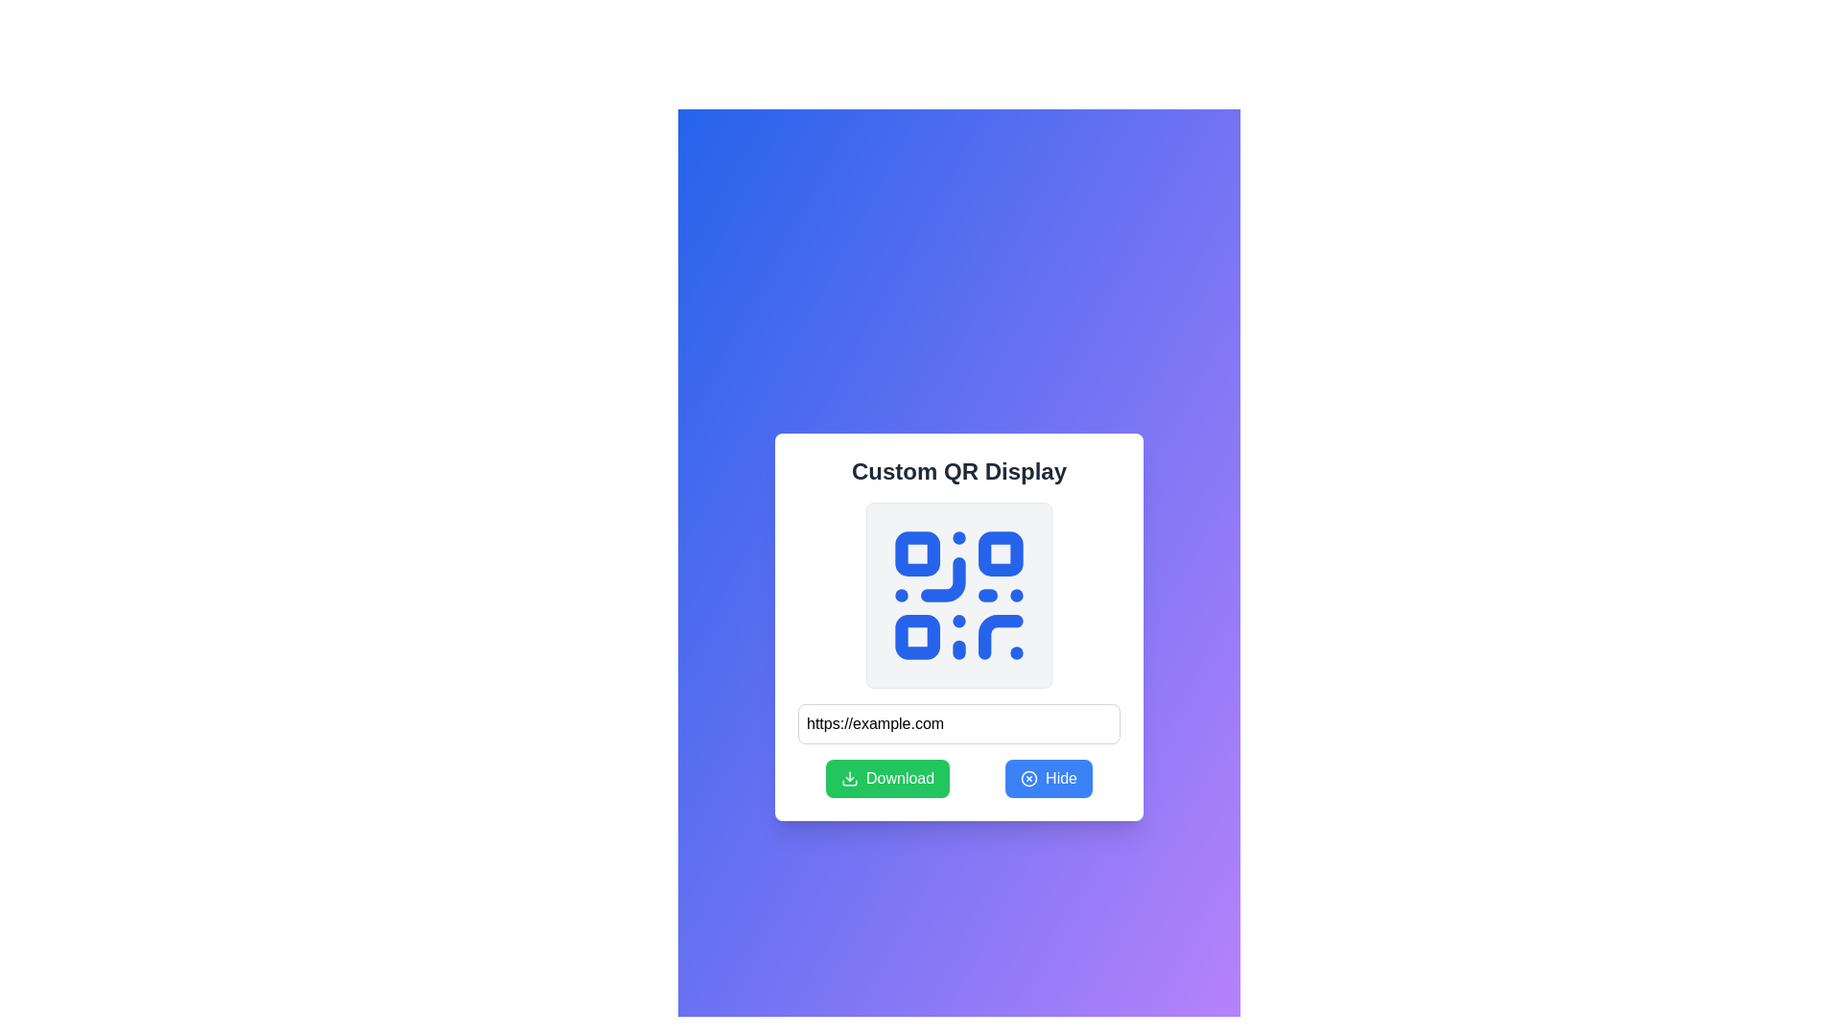 The image size is (1842, 1036). What do you see at coordinates (848, 779) in the screenshot?
I see `the green 'Download' button which contains the downward arrow icon for the download action` at bounding box center [848, 779].